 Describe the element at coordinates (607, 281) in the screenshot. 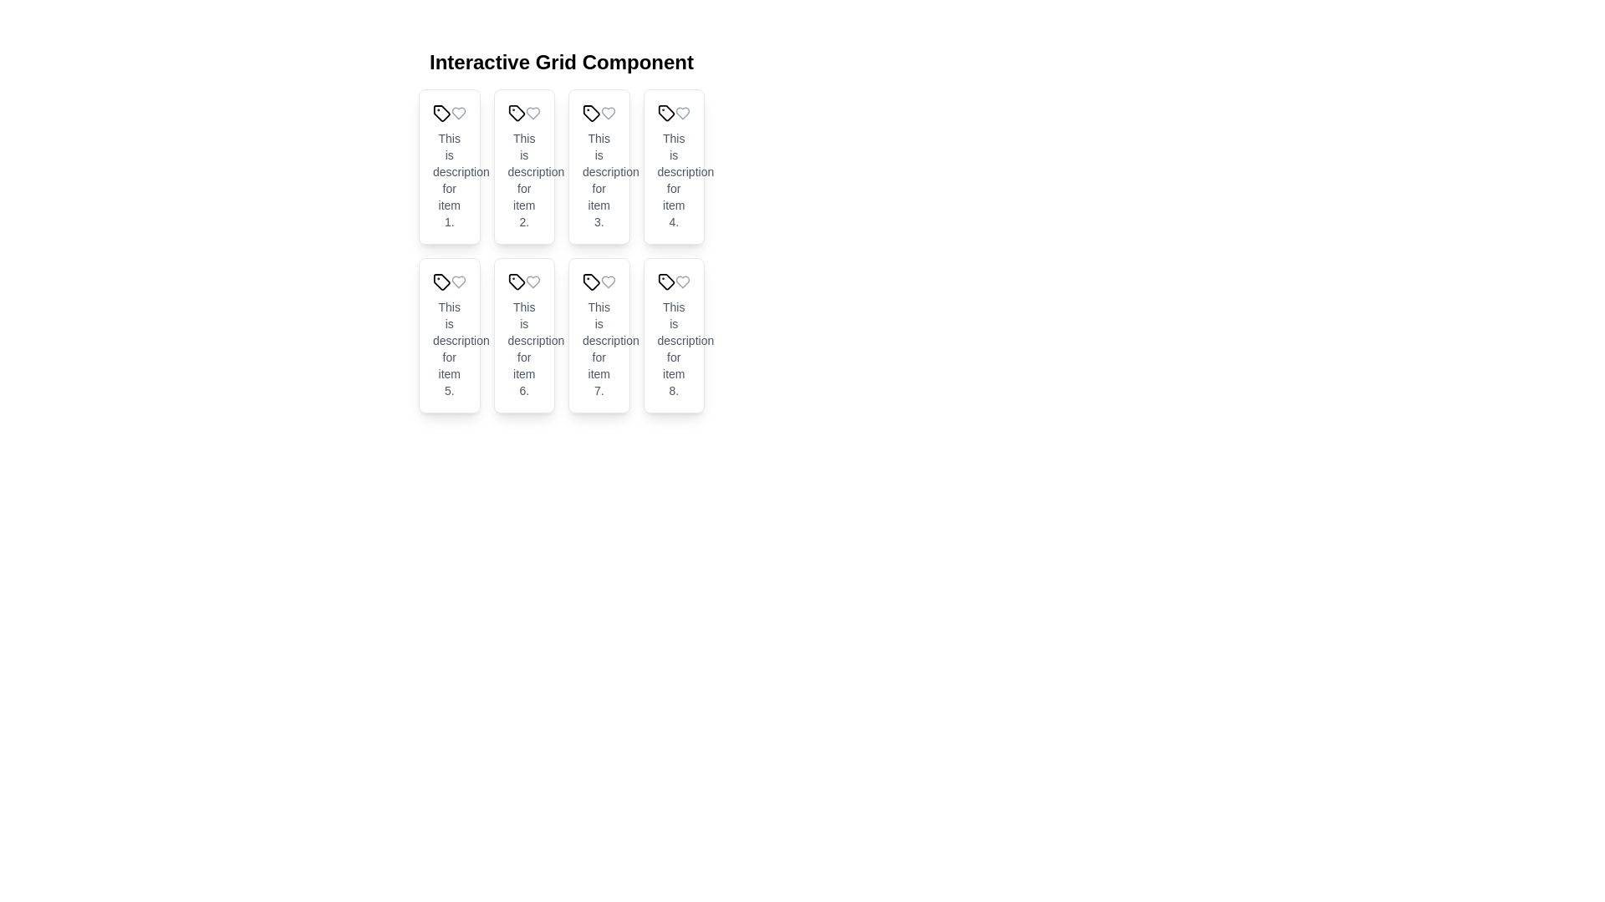

I see `the favorite or like icon located in the top-right region of the card titled 'Tile 7'` at that location.